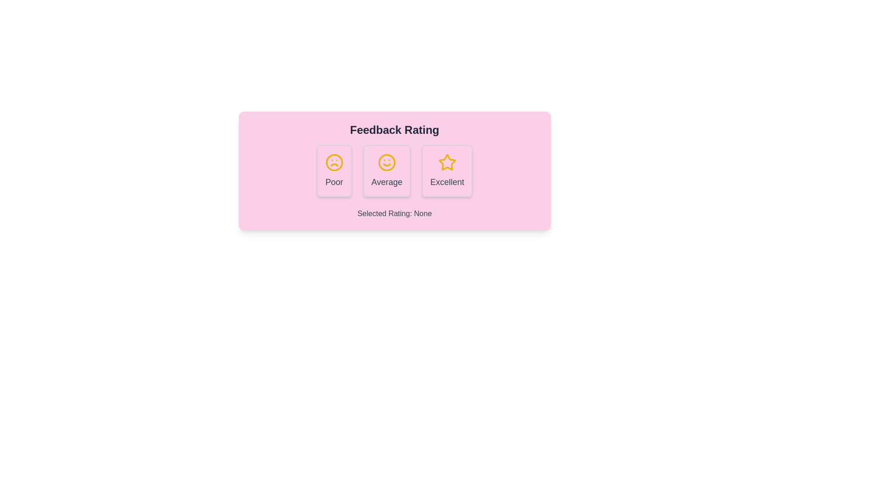 This screenshot has height=502, width=892. I want to click on the yellow face icon with a frowning expression, so click(334, 162).